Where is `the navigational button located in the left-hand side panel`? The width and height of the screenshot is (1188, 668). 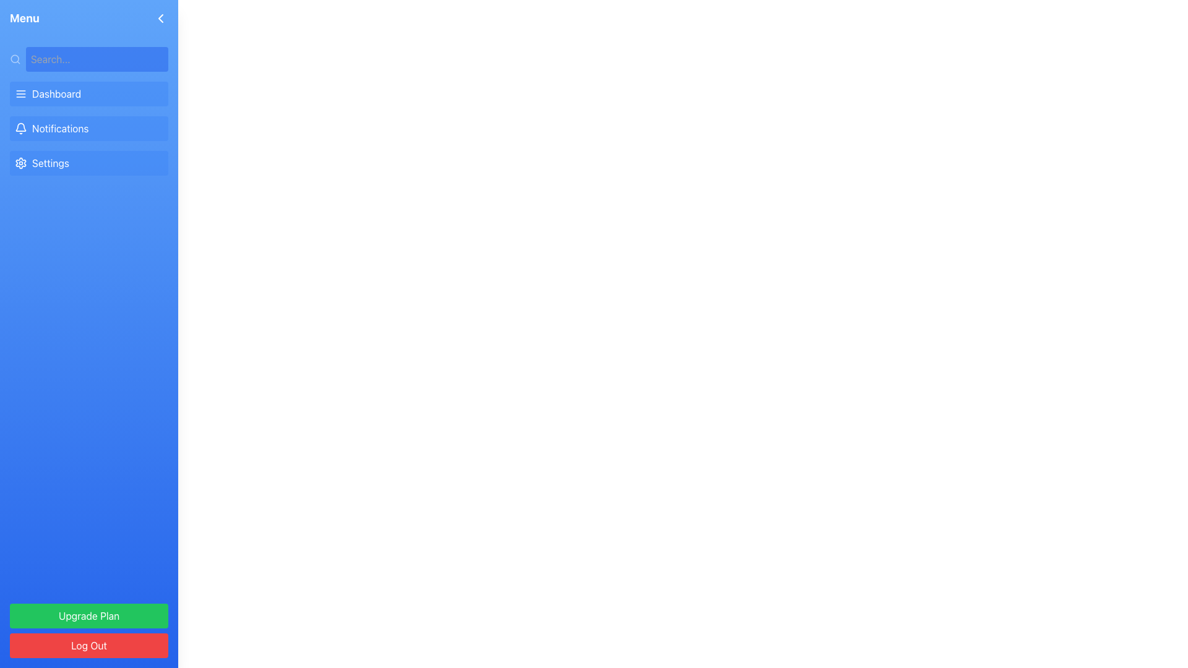
the navigational button located in the left-hand side panel is located at coordinates (88, 93).